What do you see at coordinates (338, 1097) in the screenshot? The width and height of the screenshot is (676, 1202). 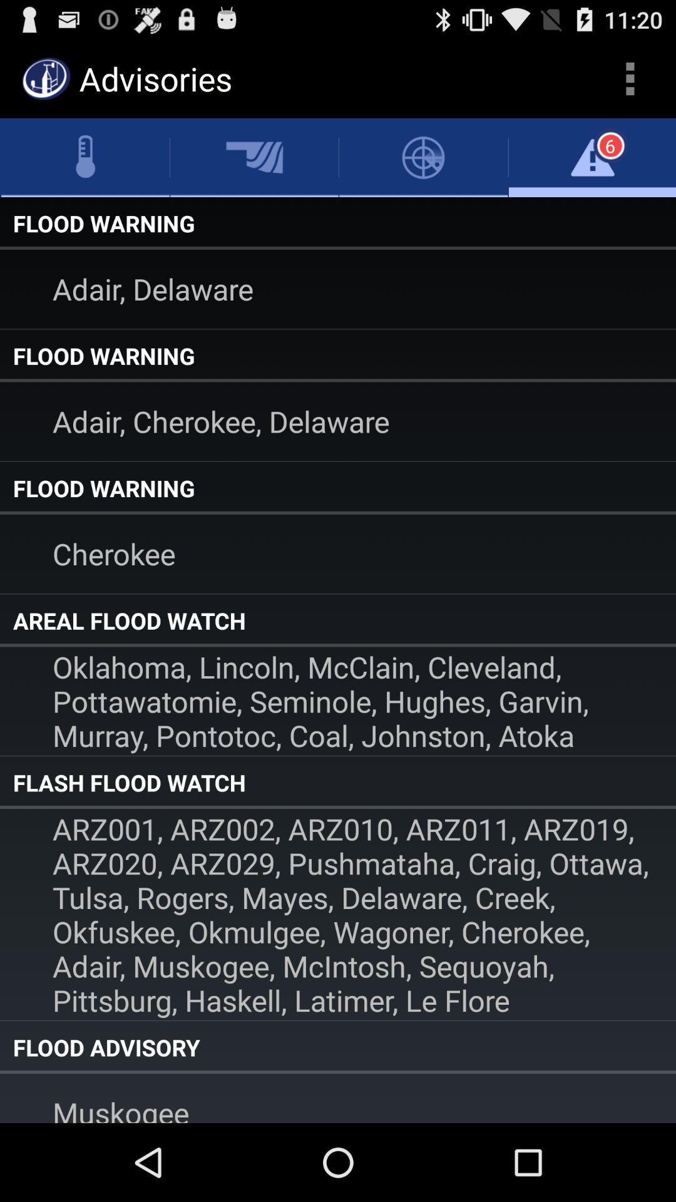 I see `the app below the flood advisory` at bounding box center [338, 1097].